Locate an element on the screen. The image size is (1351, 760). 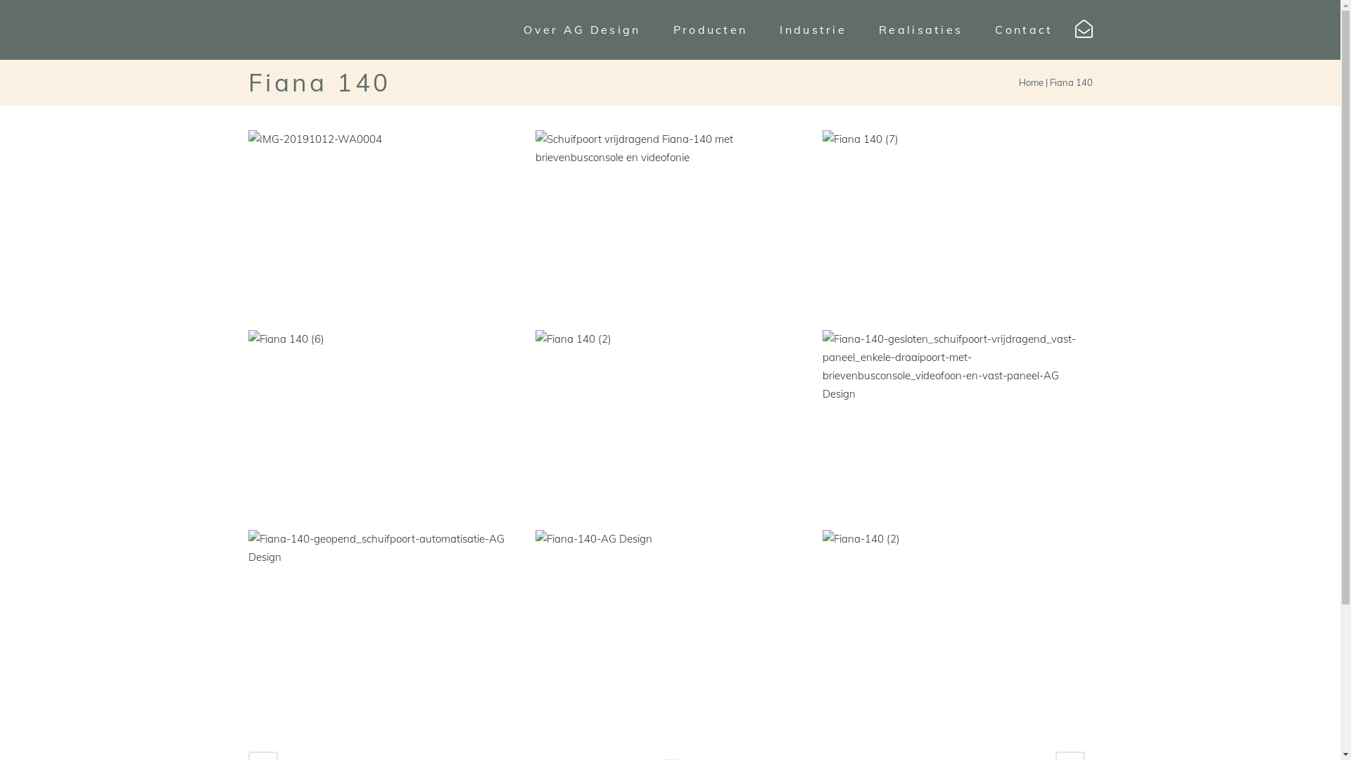
'Fiana 140 (6)' is located at coordinates (383, 421).